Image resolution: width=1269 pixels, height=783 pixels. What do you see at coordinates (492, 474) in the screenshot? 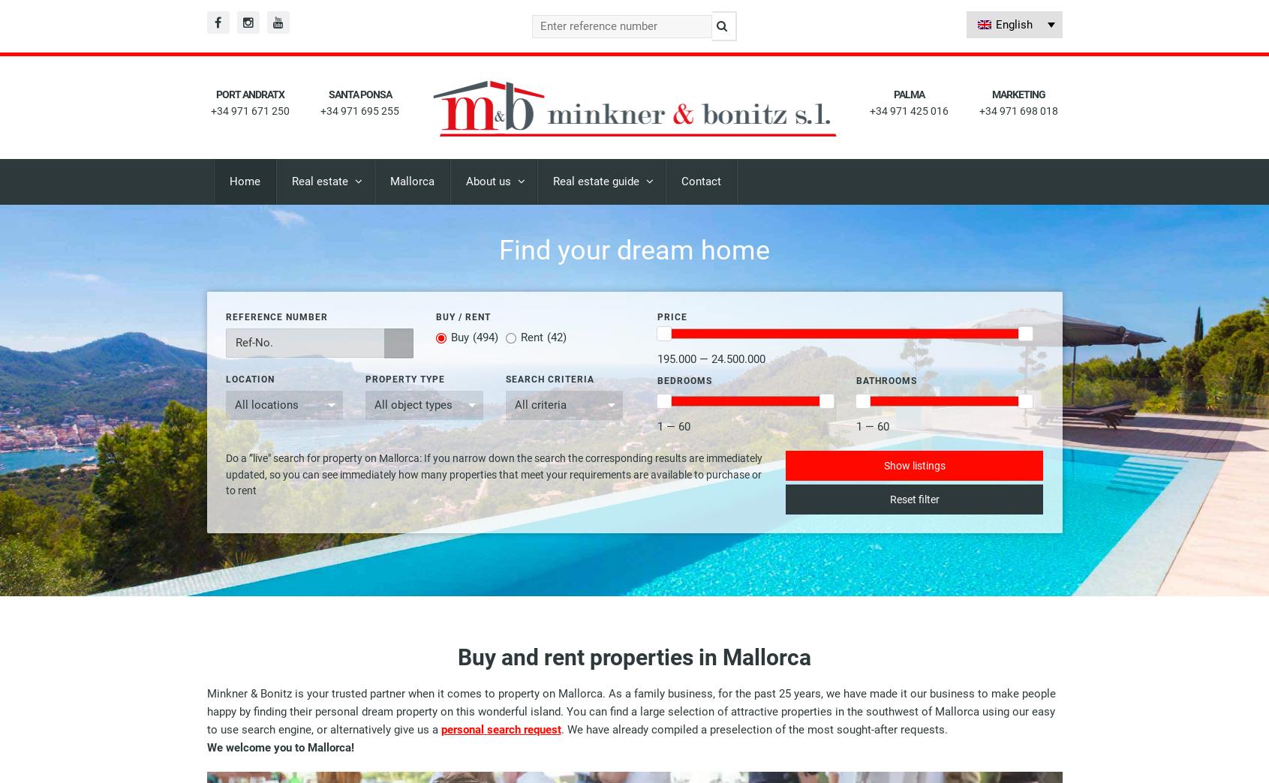
I see `'Do a ”live" search for property on Mallorca: If you narrow down the search the corresponding results are immediately updated, so you can see immediately how many properties that meet your requirements are available to purchase or to rent'` at bounding box center [492, 474].